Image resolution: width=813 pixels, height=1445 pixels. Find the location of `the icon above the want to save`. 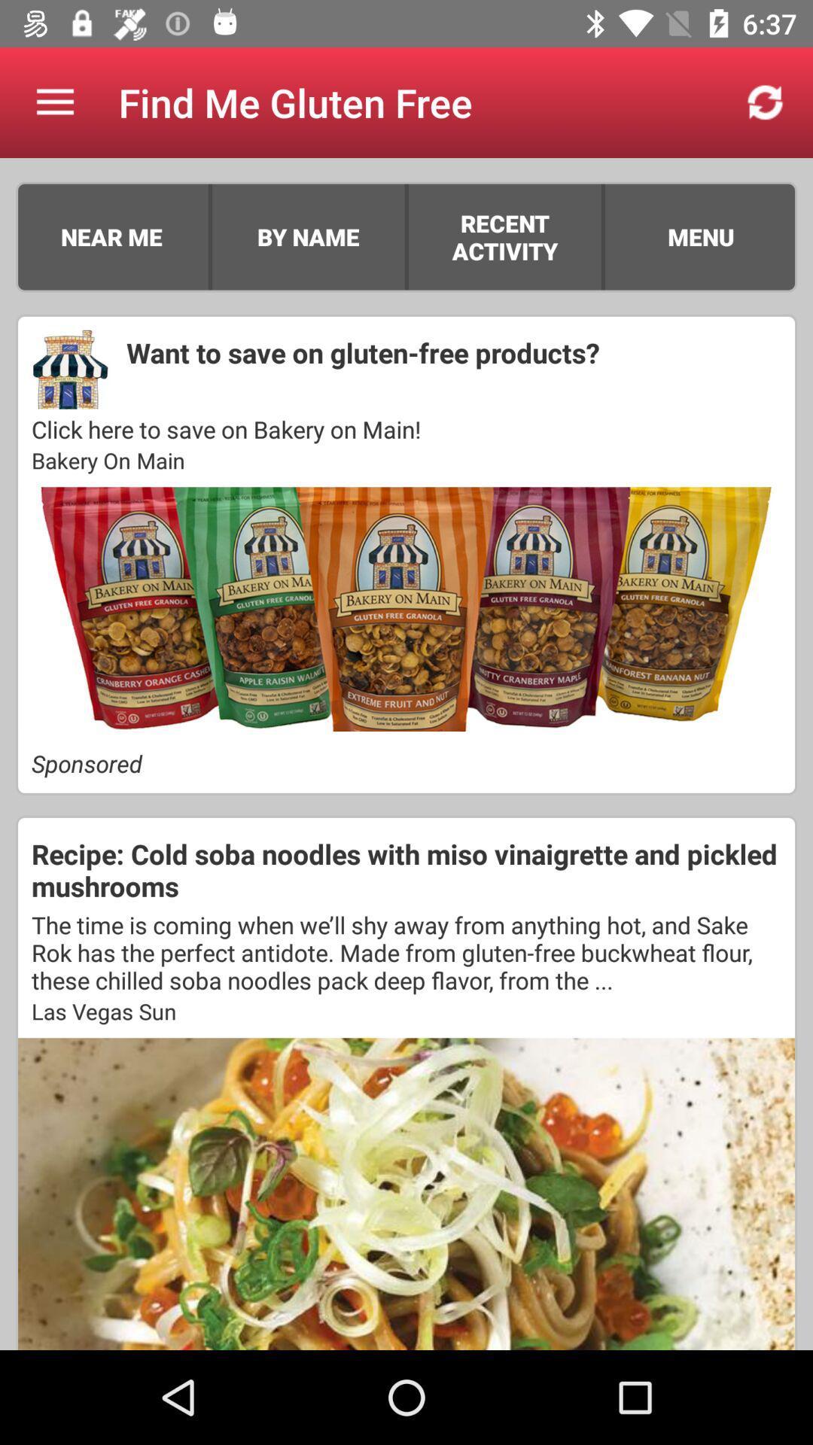

the icon above the want to save is located at coordinates (504, 236).